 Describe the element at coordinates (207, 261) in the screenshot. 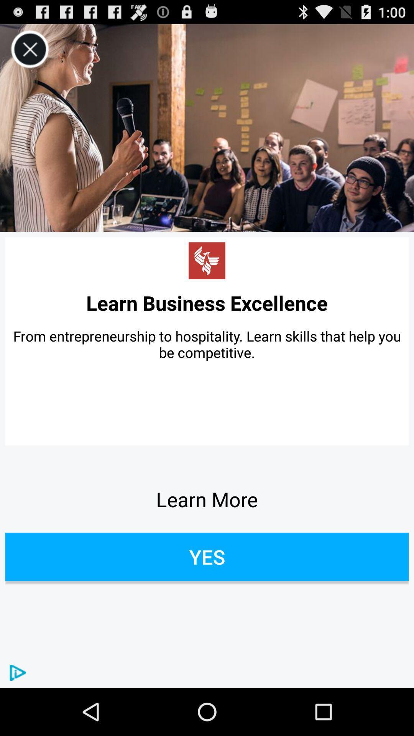

I see `icon above learn business excellence app` at that location.